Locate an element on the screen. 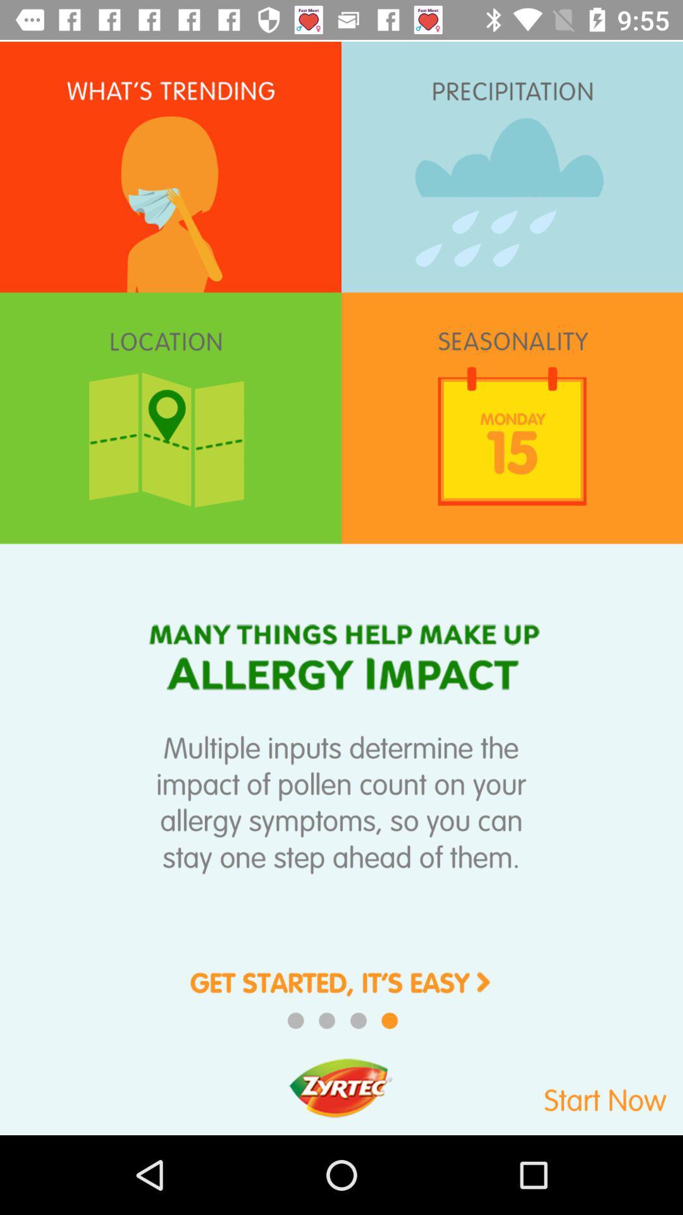  starting option is located at coordinates (341, 991).